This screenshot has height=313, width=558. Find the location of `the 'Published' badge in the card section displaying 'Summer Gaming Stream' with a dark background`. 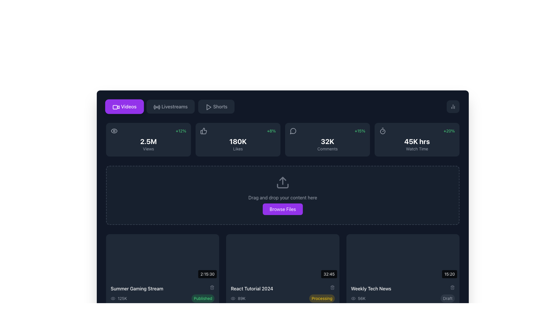

the 'Published' badge in the card section displaying 'Summer Gaming Stream' with a dark background is located at coordinates (162, 294).